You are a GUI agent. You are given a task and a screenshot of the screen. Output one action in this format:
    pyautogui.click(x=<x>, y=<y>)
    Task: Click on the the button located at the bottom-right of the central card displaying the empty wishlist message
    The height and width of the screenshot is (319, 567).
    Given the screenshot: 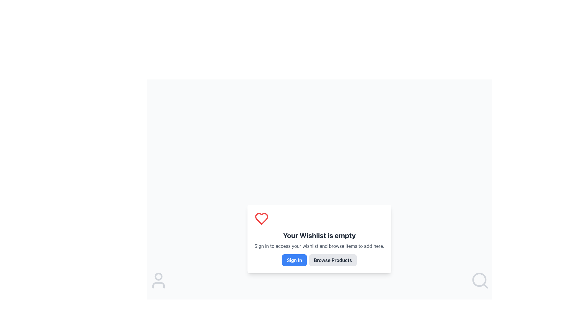 What is the action you would take?
    pyautogui.click(x=333, y=260)
    